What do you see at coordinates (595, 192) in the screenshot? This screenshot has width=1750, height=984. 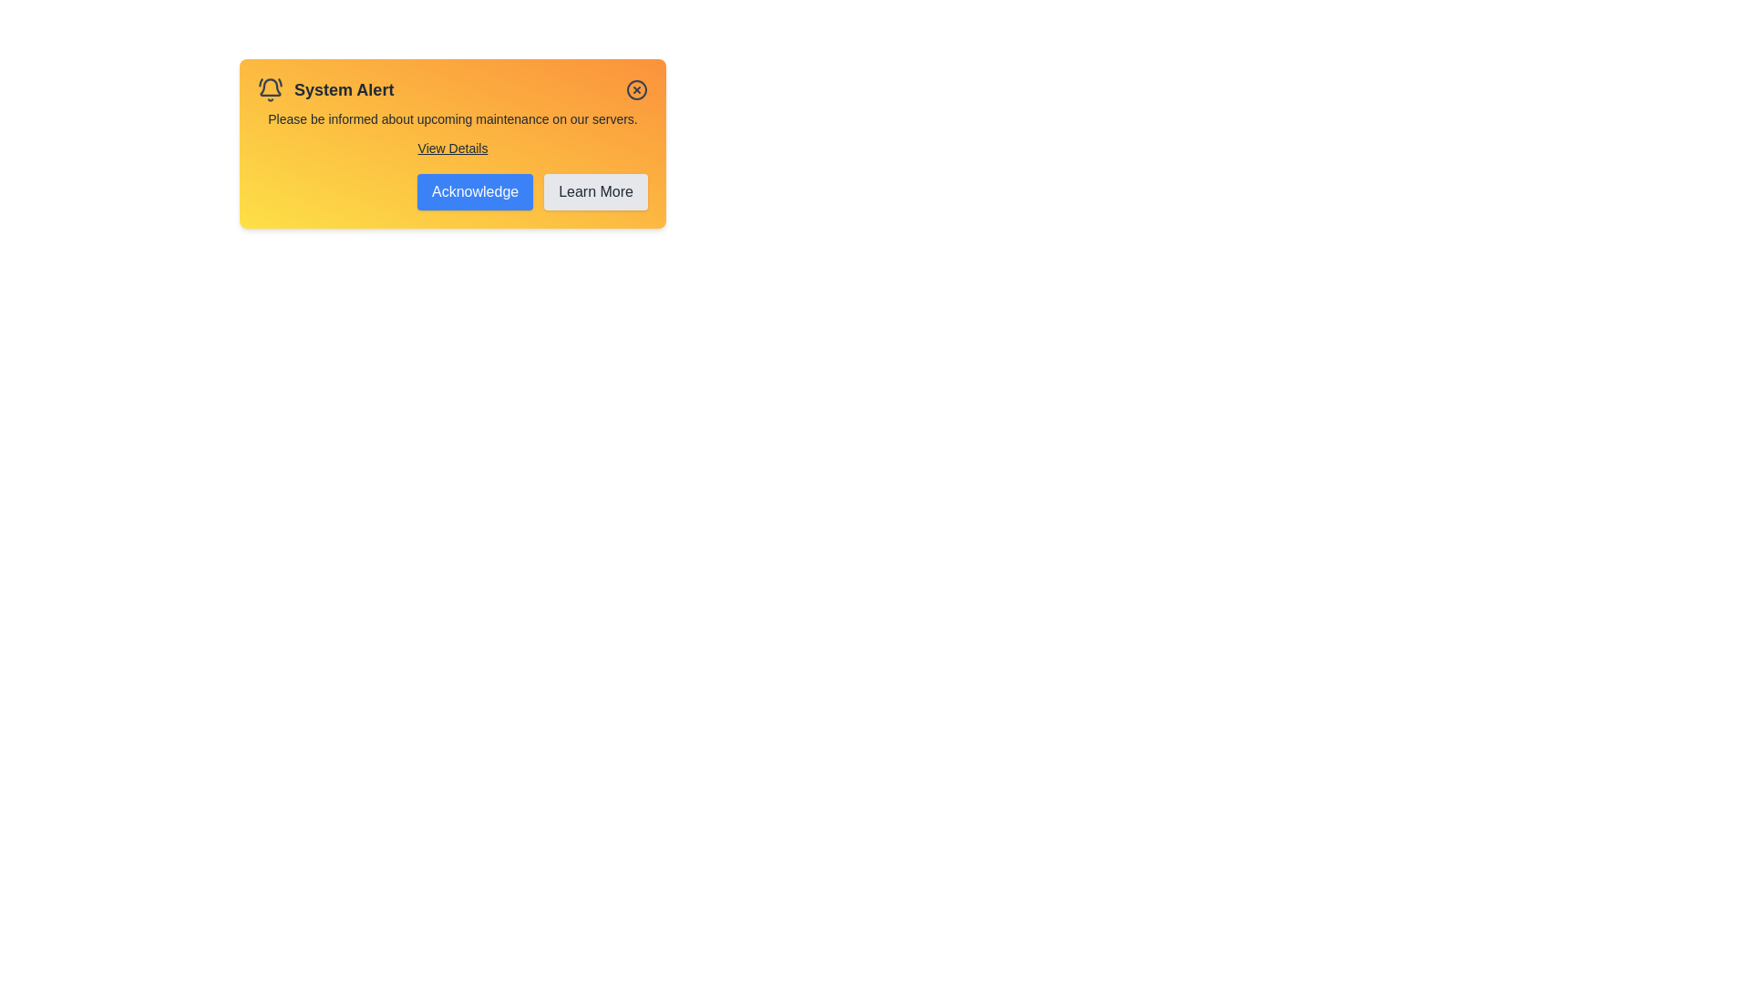 I see `'Learn More' button to learn more about the alert` at bounding box center [595, 192].